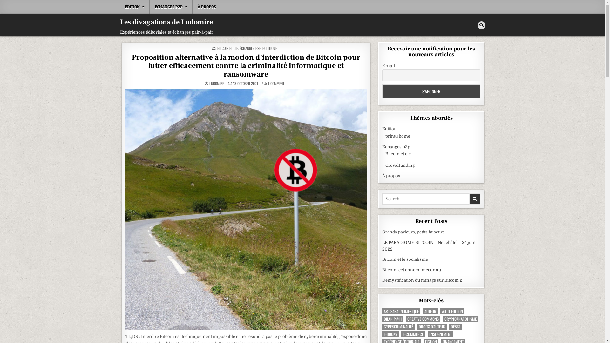 The image size is (610, 343). I want to click on 'AUTEUR', so click(430, 311).